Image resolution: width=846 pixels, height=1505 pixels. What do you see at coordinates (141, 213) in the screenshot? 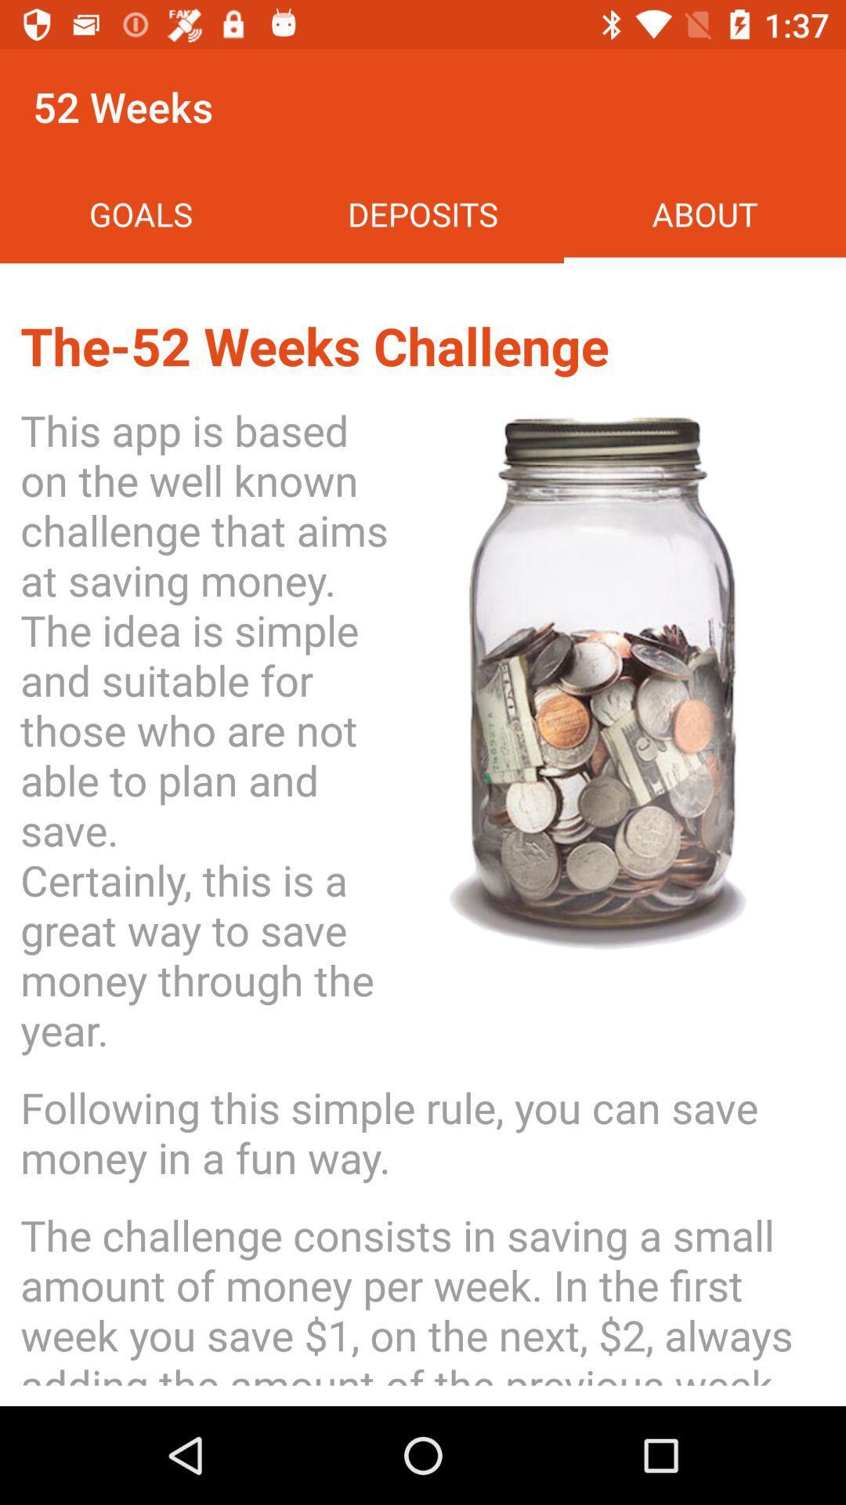
I see `the item to the left of deposits` at bounding box center [141, 213].